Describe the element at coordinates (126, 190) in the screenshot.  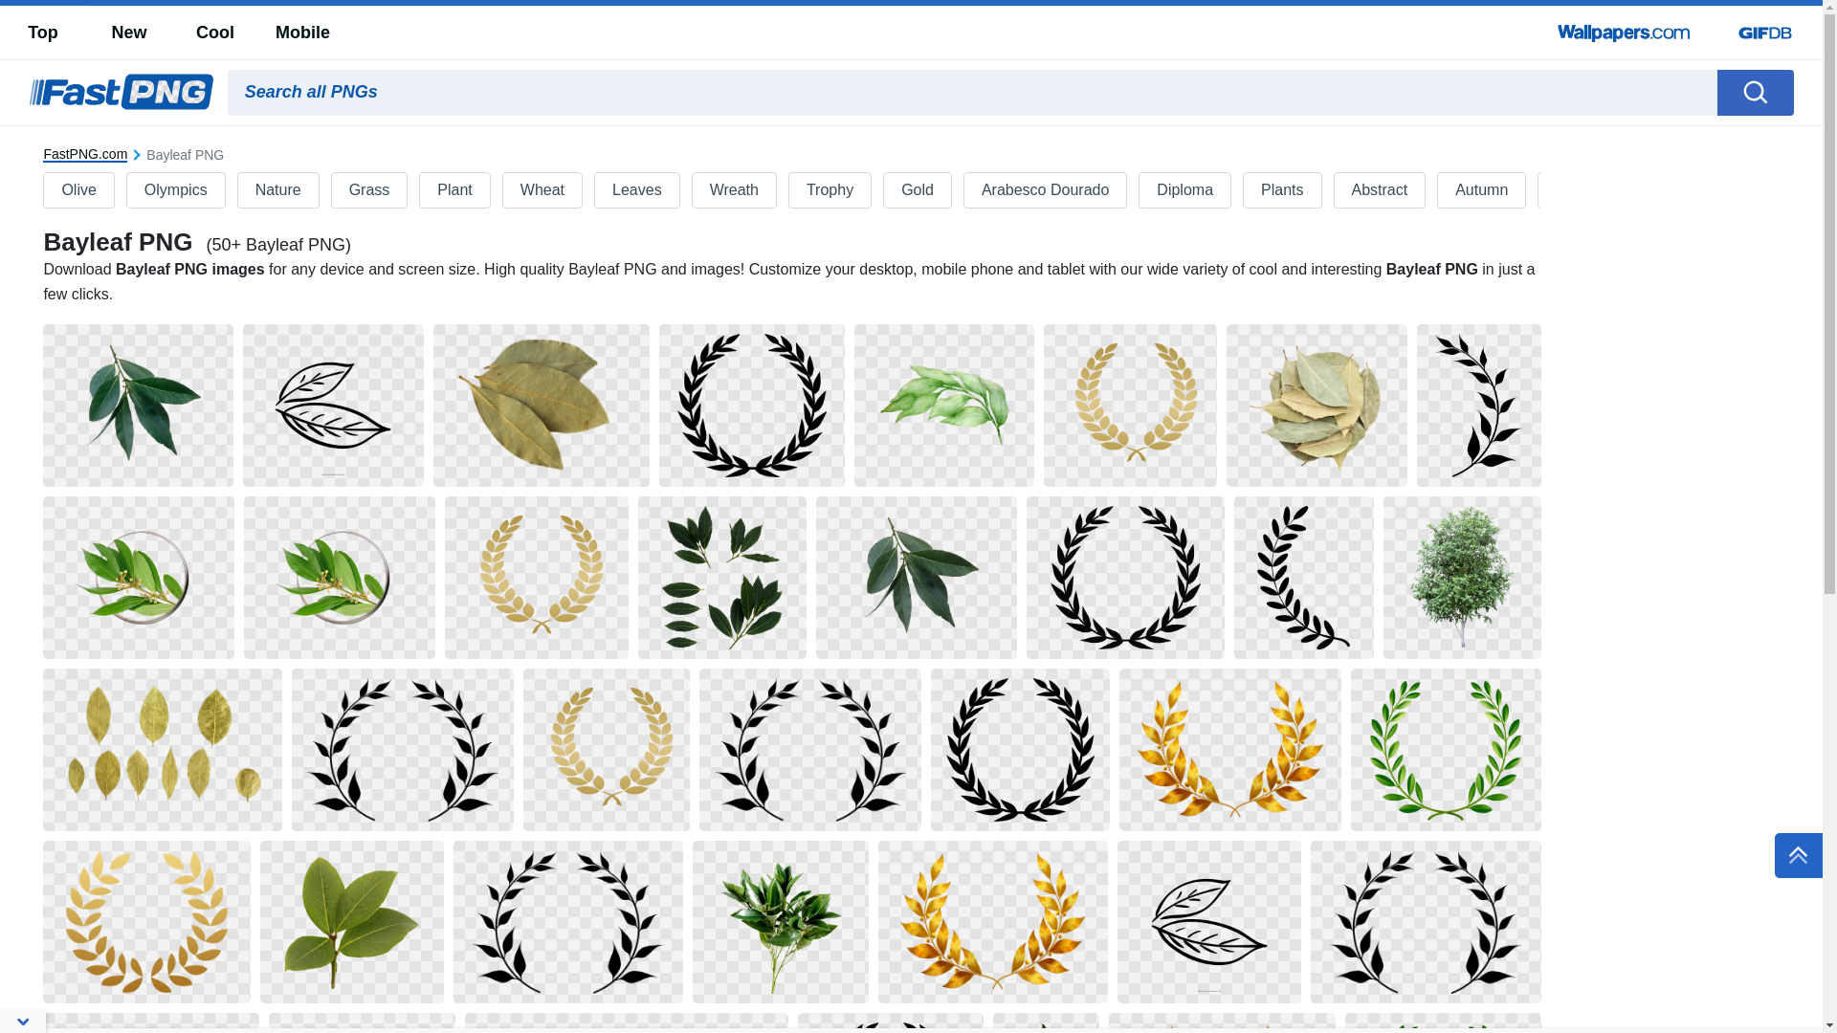
I see `'Olympics'` at that location.